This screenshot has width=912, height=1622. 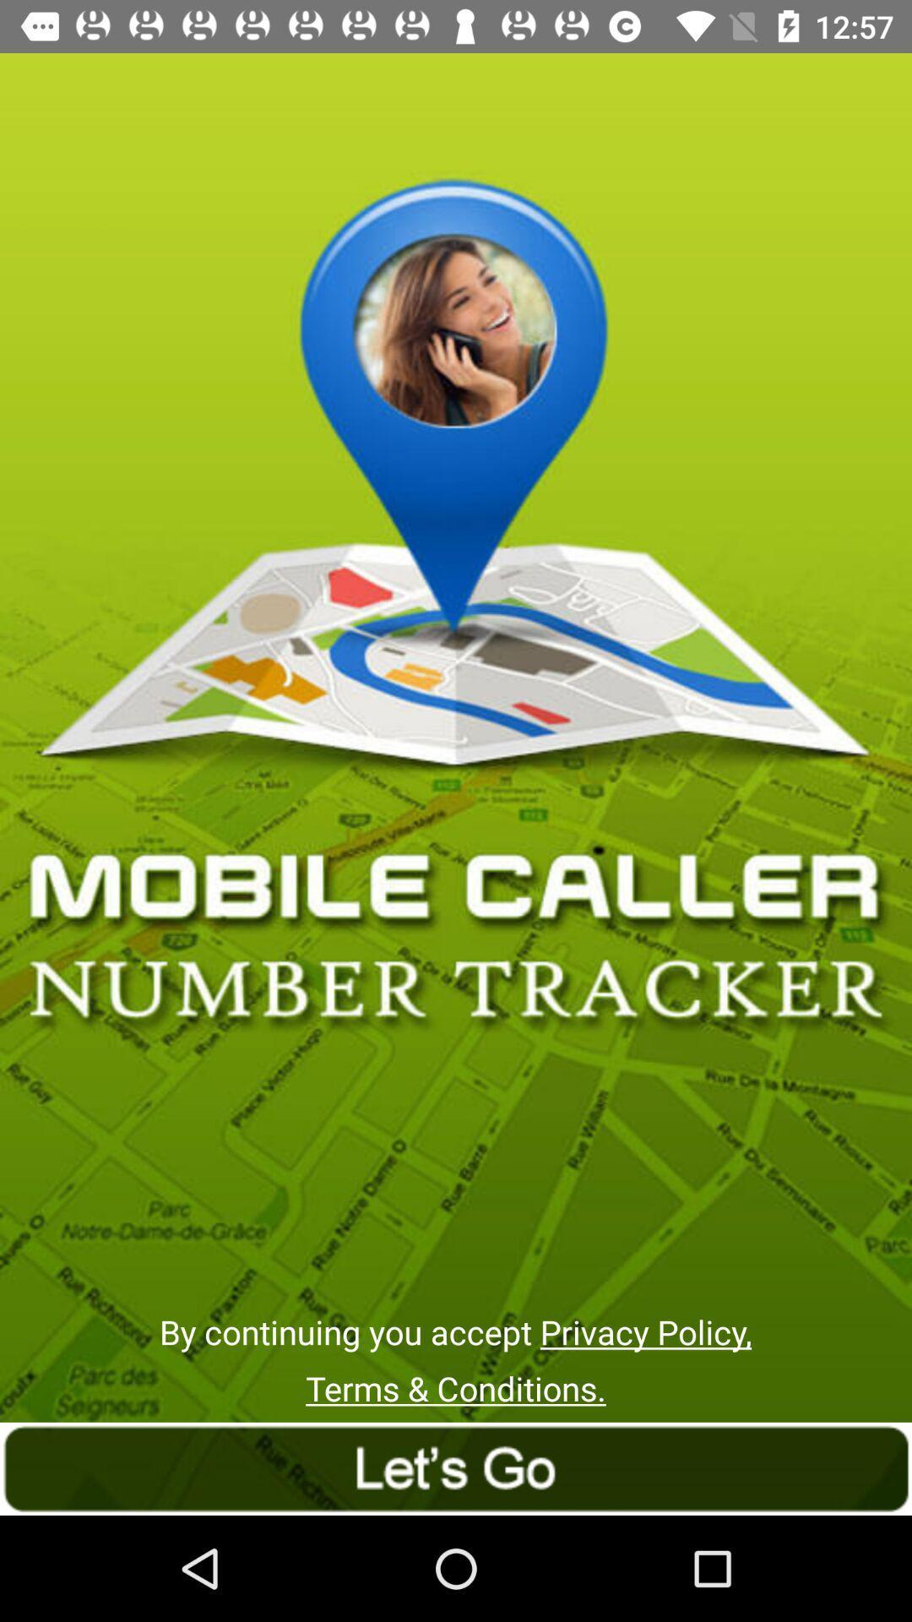 What do you see at coordinates (456, 1388) in the screenshot?
I see `the terms & conditions. icon` at bounding box center [456, 1388].